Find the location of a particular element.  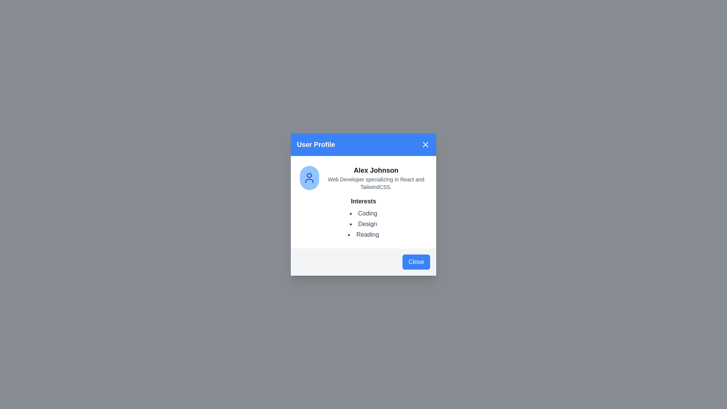

the close icon represented by an 'X' shape located in the top-right corner of the blue header bar of the 'User Profile' modal to provide visual feedback is located at coordinates (425, 144).